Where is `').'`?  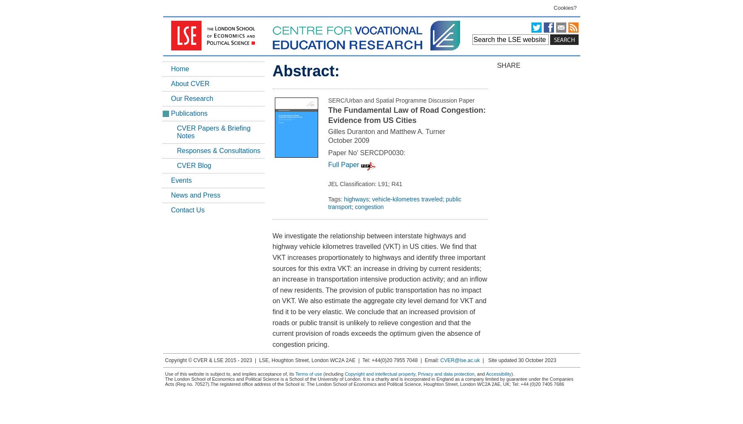
').' is located at coordinates (512, 374).